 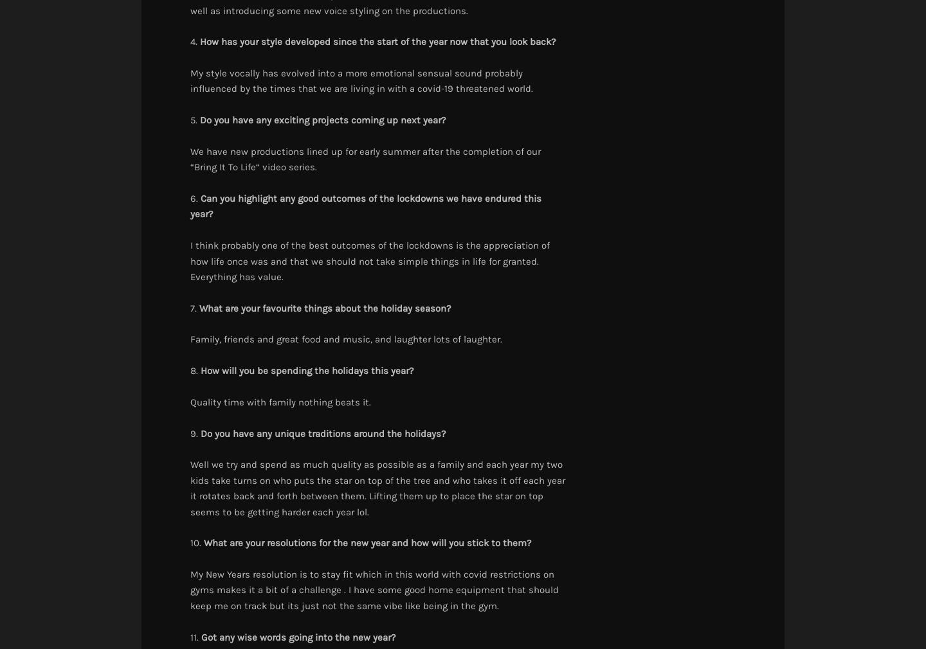 What do you see at coordinates (370, 261) in the screenshot?
I see `'I think probably one of the best outcomes of the lockdowns is the appreciation of how life once was and that we should not take simple things in life for granted. Everything has value.'` at bounding box center [370, 261].